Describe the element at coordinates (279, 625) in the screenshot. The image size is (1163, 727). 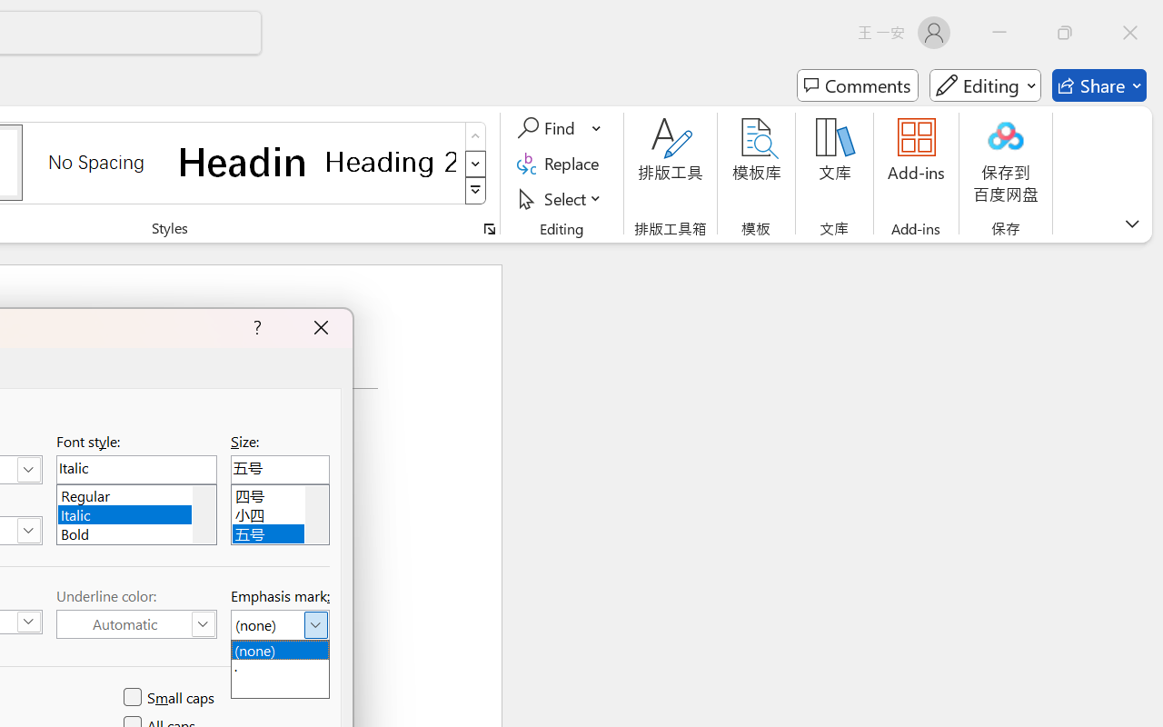
I see `'Emphasis mark:'` at that location.